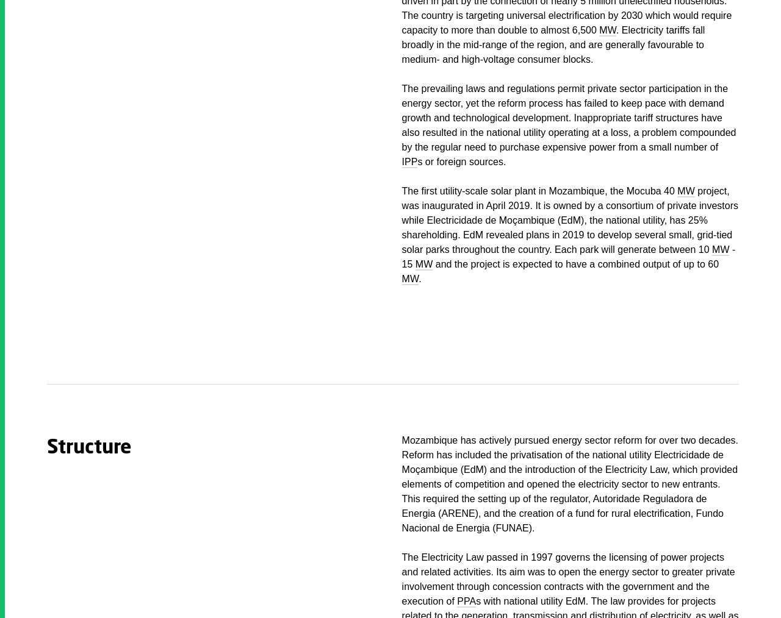 This screenshot has height=618, width=781. What do you see at coordinates (567, 256) in the screenshot?
I see `'- 15'` at bounding box center [567, 256].